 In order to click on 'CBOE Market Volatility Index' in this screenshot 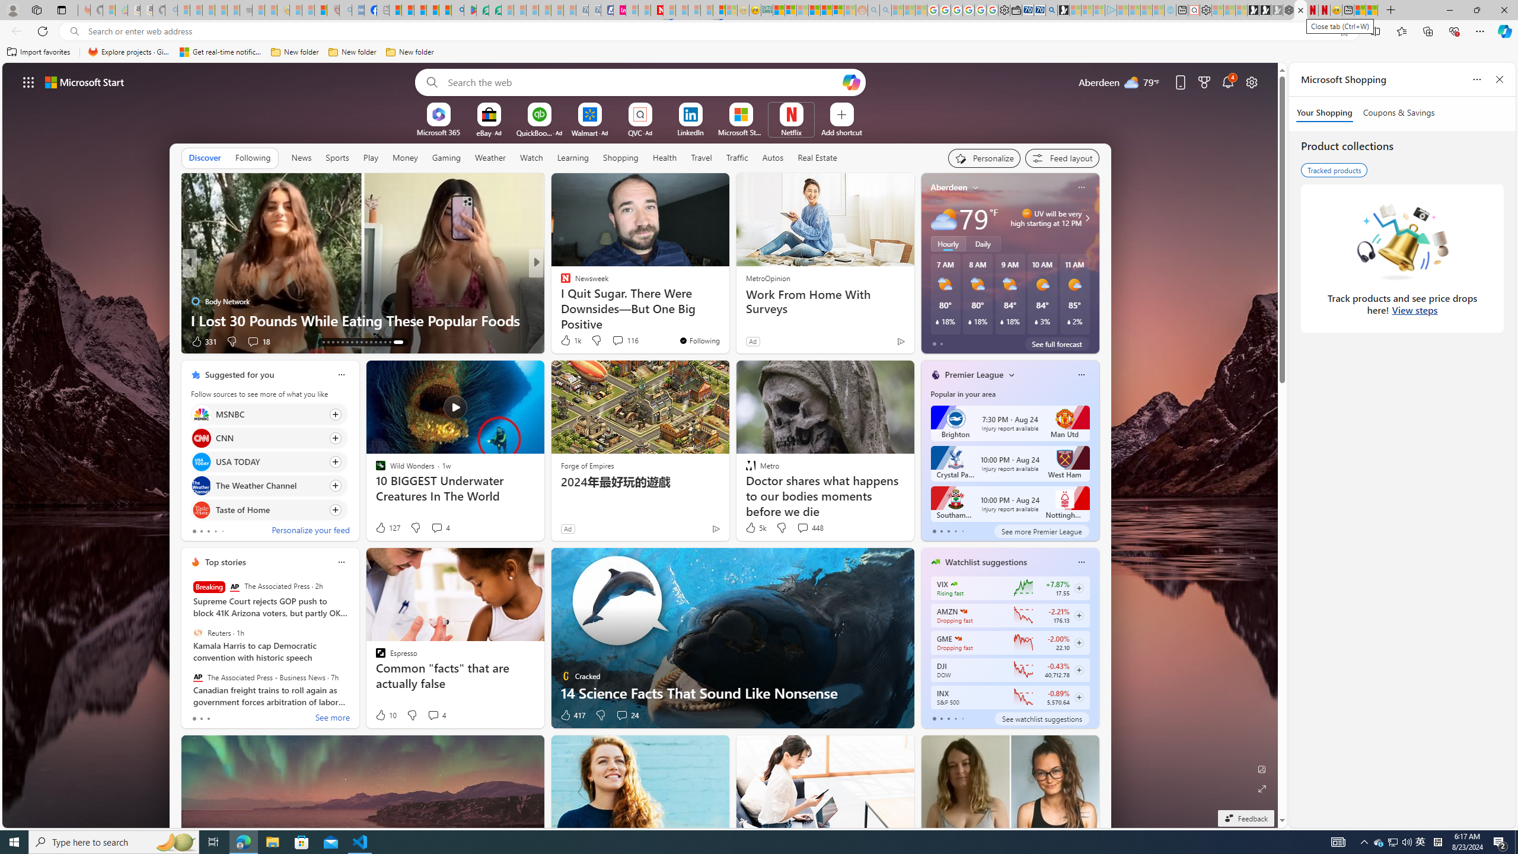, I will do `click(953, 584)`.